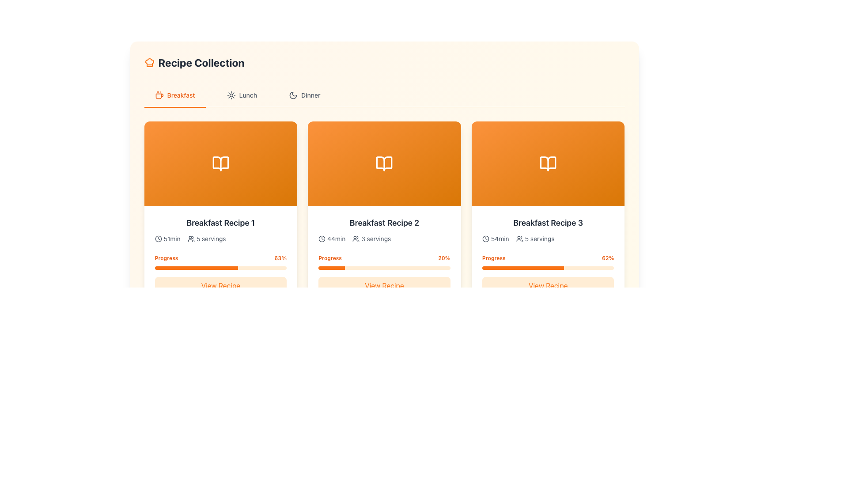  What do you see at coordinates (242, 95) in the screenshot?
I see `the 'Lunch' navigation button located in the middle of the three-item menu at the top of the interface` at bounding box center [242, 95].